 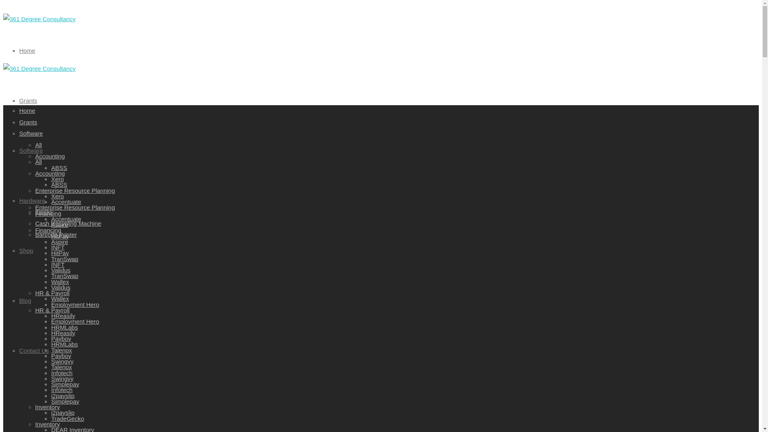 I want to click on 'Infotech', so click(x=61, y=373).